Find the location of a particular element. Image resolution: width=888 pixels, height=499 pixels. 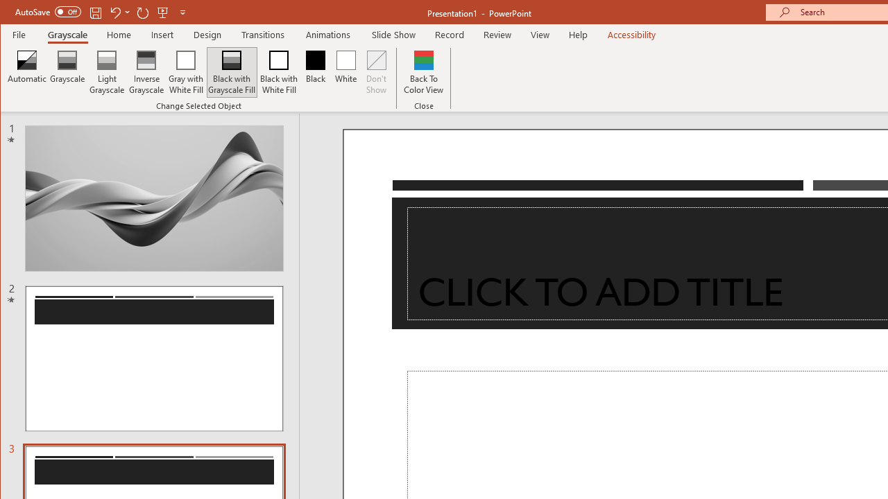

'Light Grayscale' is located at coordinates (106, 72).